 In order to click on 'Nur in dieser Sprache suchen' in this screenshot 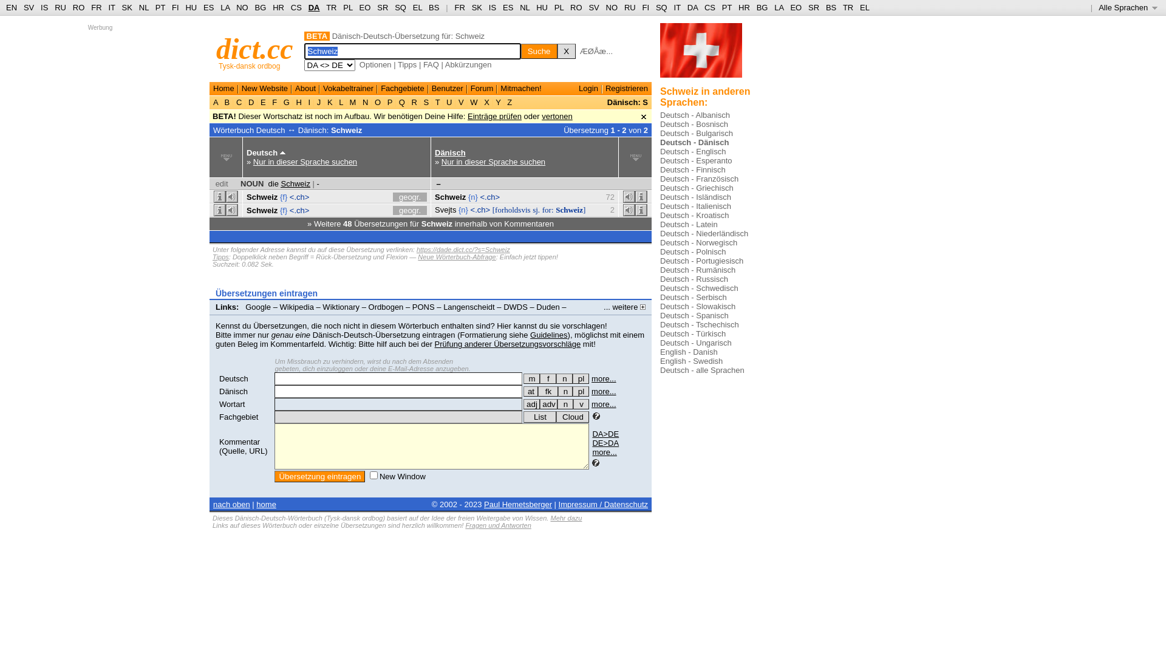, I will do `click(253, 161)`.